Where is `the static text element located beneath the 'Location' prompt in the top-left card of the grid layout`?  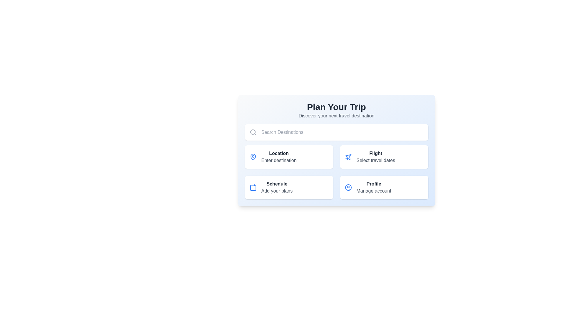
the static text element located beneath the 'Location' prompt in the top-left card of the grid layout is located at coordinates (278, 161).